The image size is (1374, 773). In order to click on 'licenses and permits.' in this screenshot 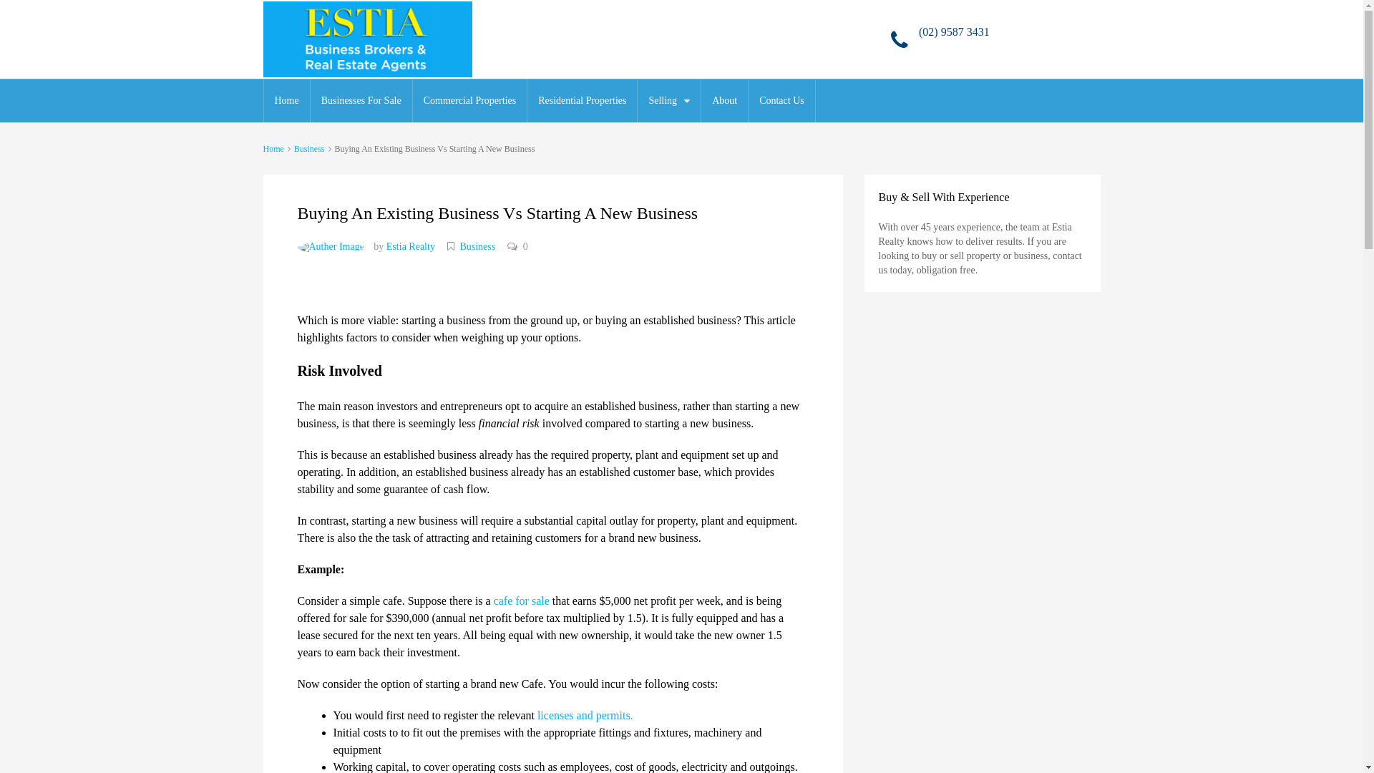, I will do `click(585, 715)`.